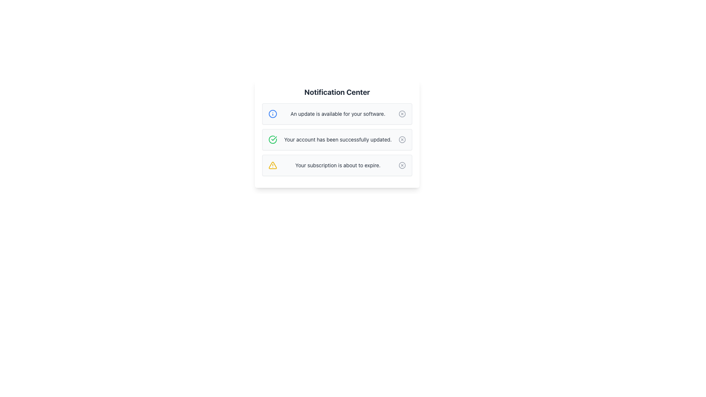  I want to click on notification message 'Your account has been successfully updated.' displayed in gray text within the notification card, so click(337, 140).